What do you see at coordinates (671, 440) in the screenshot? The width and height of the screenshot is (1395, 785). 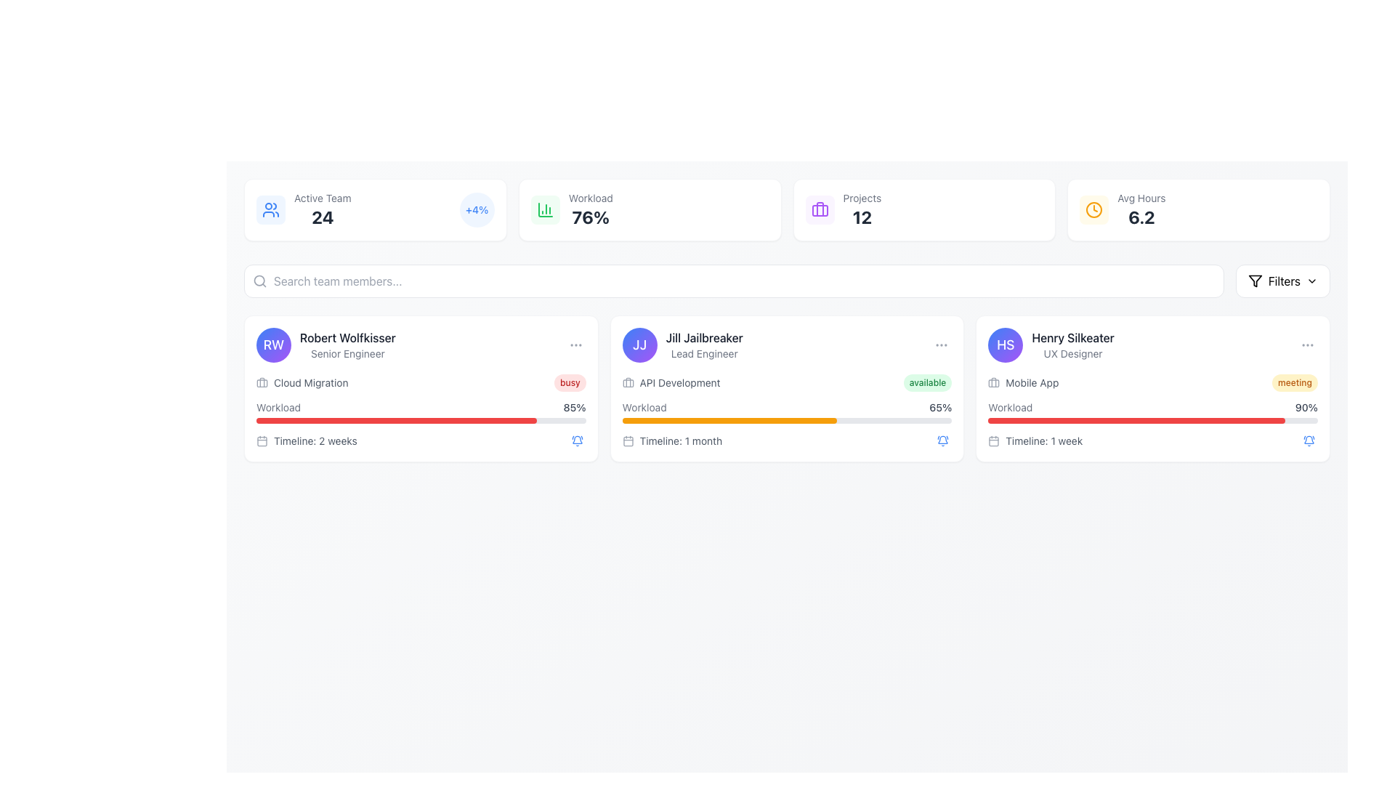 I see `the text label with the calendar icon that displays 'Timeline: 1 month' located in the second card for 'Jill Jailbreaker', positioned below the workload progress bar` at bounding box center [671, 440].